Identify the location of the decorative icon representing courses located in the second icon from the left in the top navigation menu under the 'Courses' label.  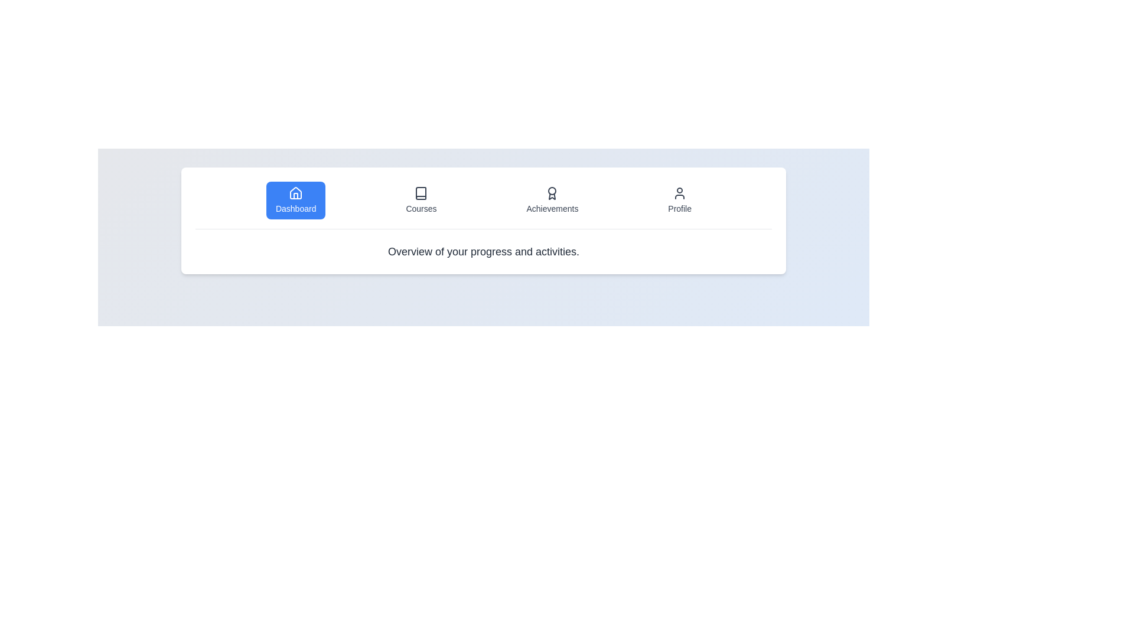
(421, 192).